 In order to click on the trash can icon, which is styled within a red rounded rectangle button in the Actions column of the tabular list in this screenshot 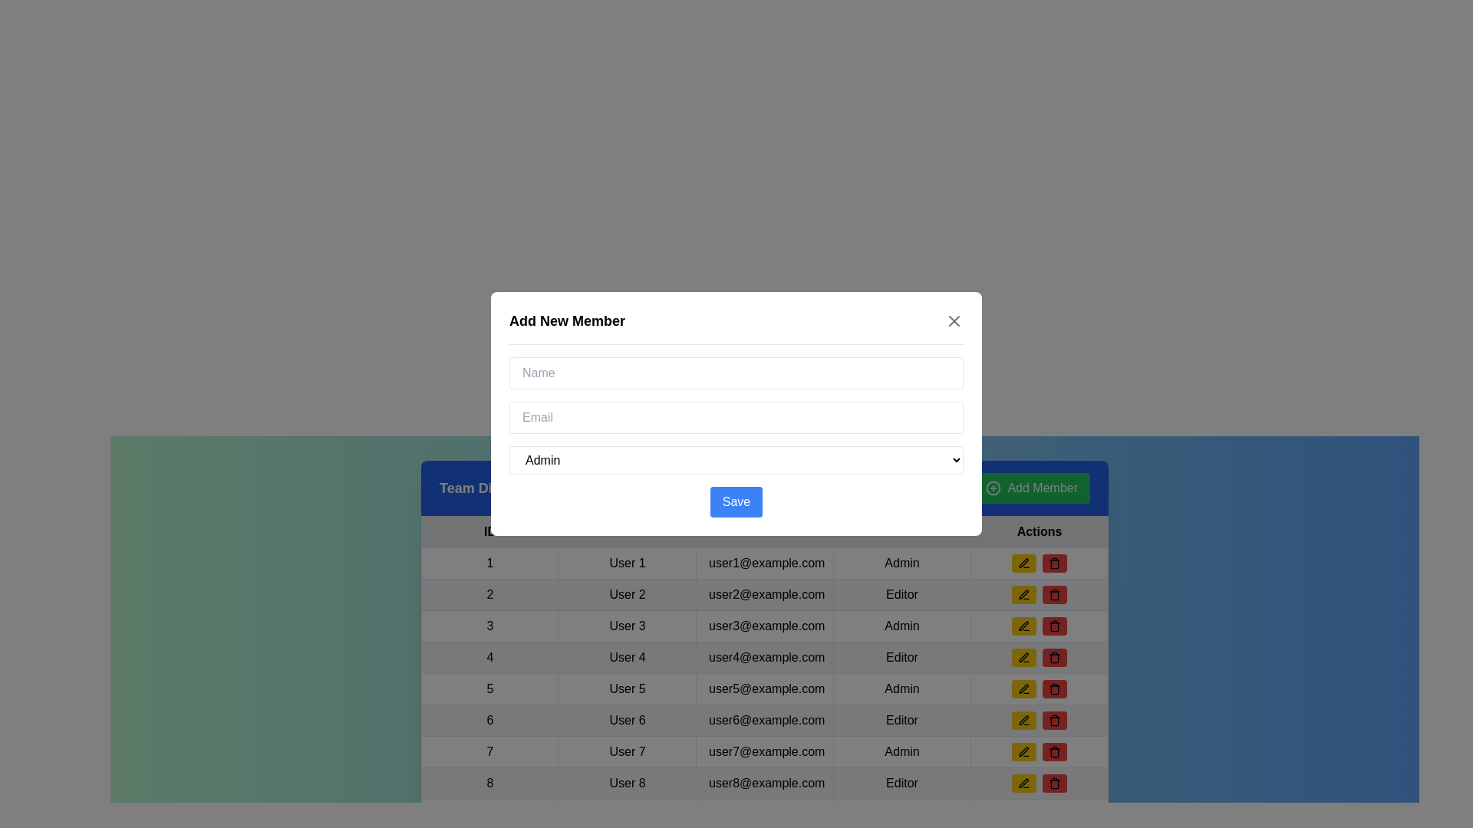, I will do `click(1053, 751)`.